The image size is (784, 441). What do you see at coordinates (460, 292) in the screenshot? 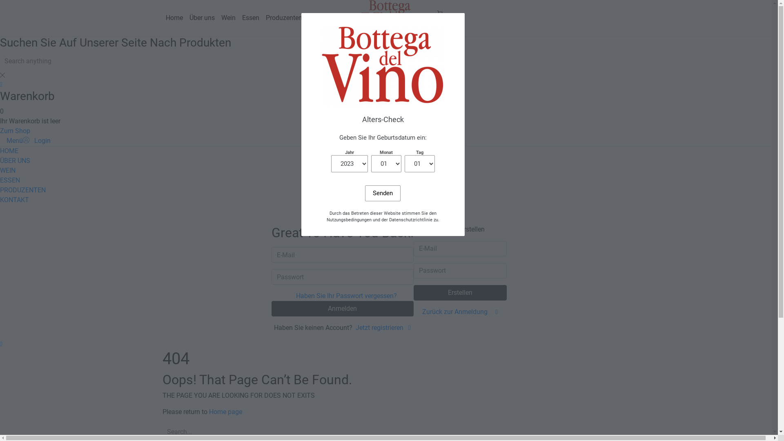
I see `'Erstellen'` at bounding box center [460, 292].